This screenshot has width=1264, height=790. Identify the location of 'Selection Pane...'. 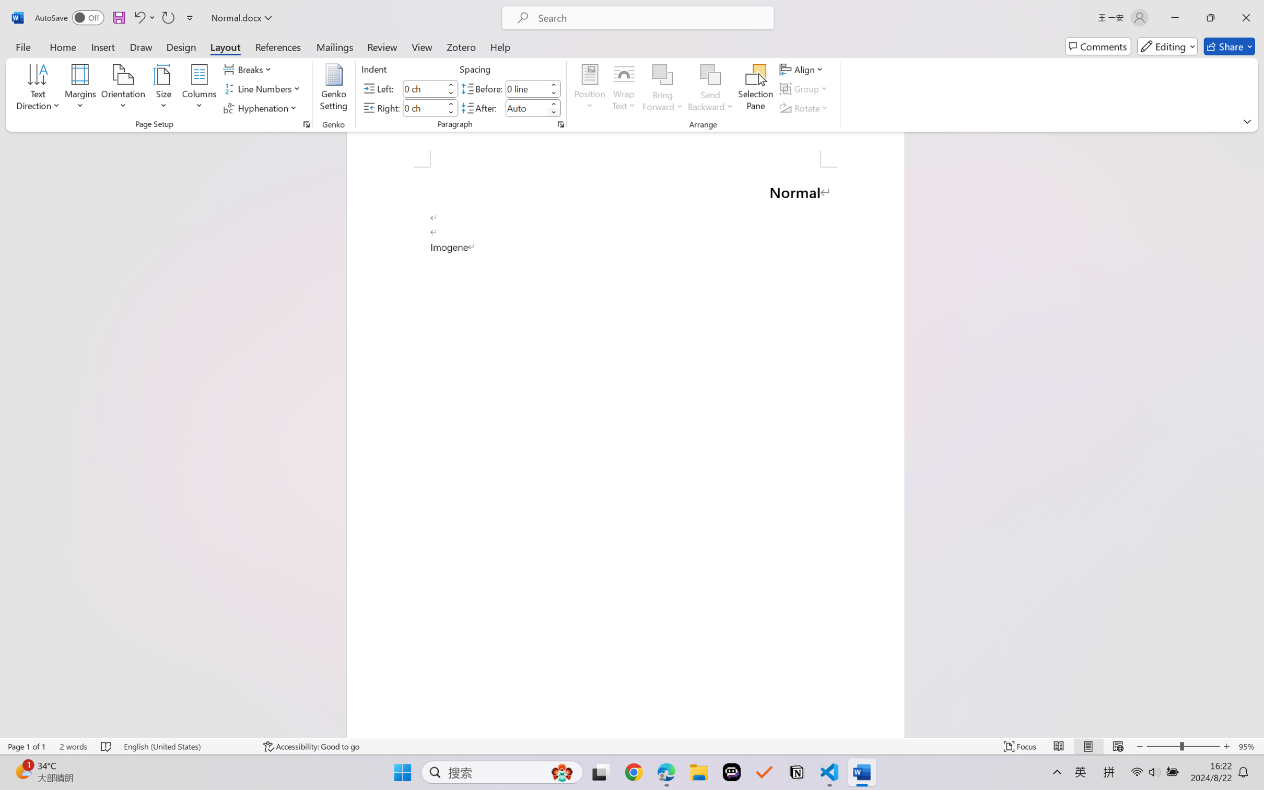
(755, 89).